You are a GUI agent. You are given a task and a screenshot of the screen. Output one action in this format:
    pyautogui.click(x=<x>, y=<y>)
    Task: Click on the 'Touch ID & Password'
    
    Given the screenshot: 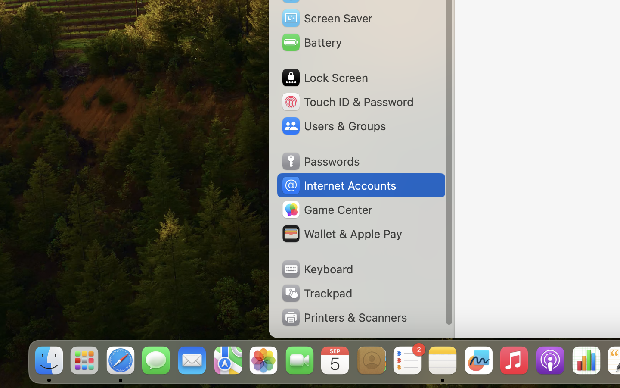 What is the action you would take?
    pyautogui.click(x=347, y=101)
    